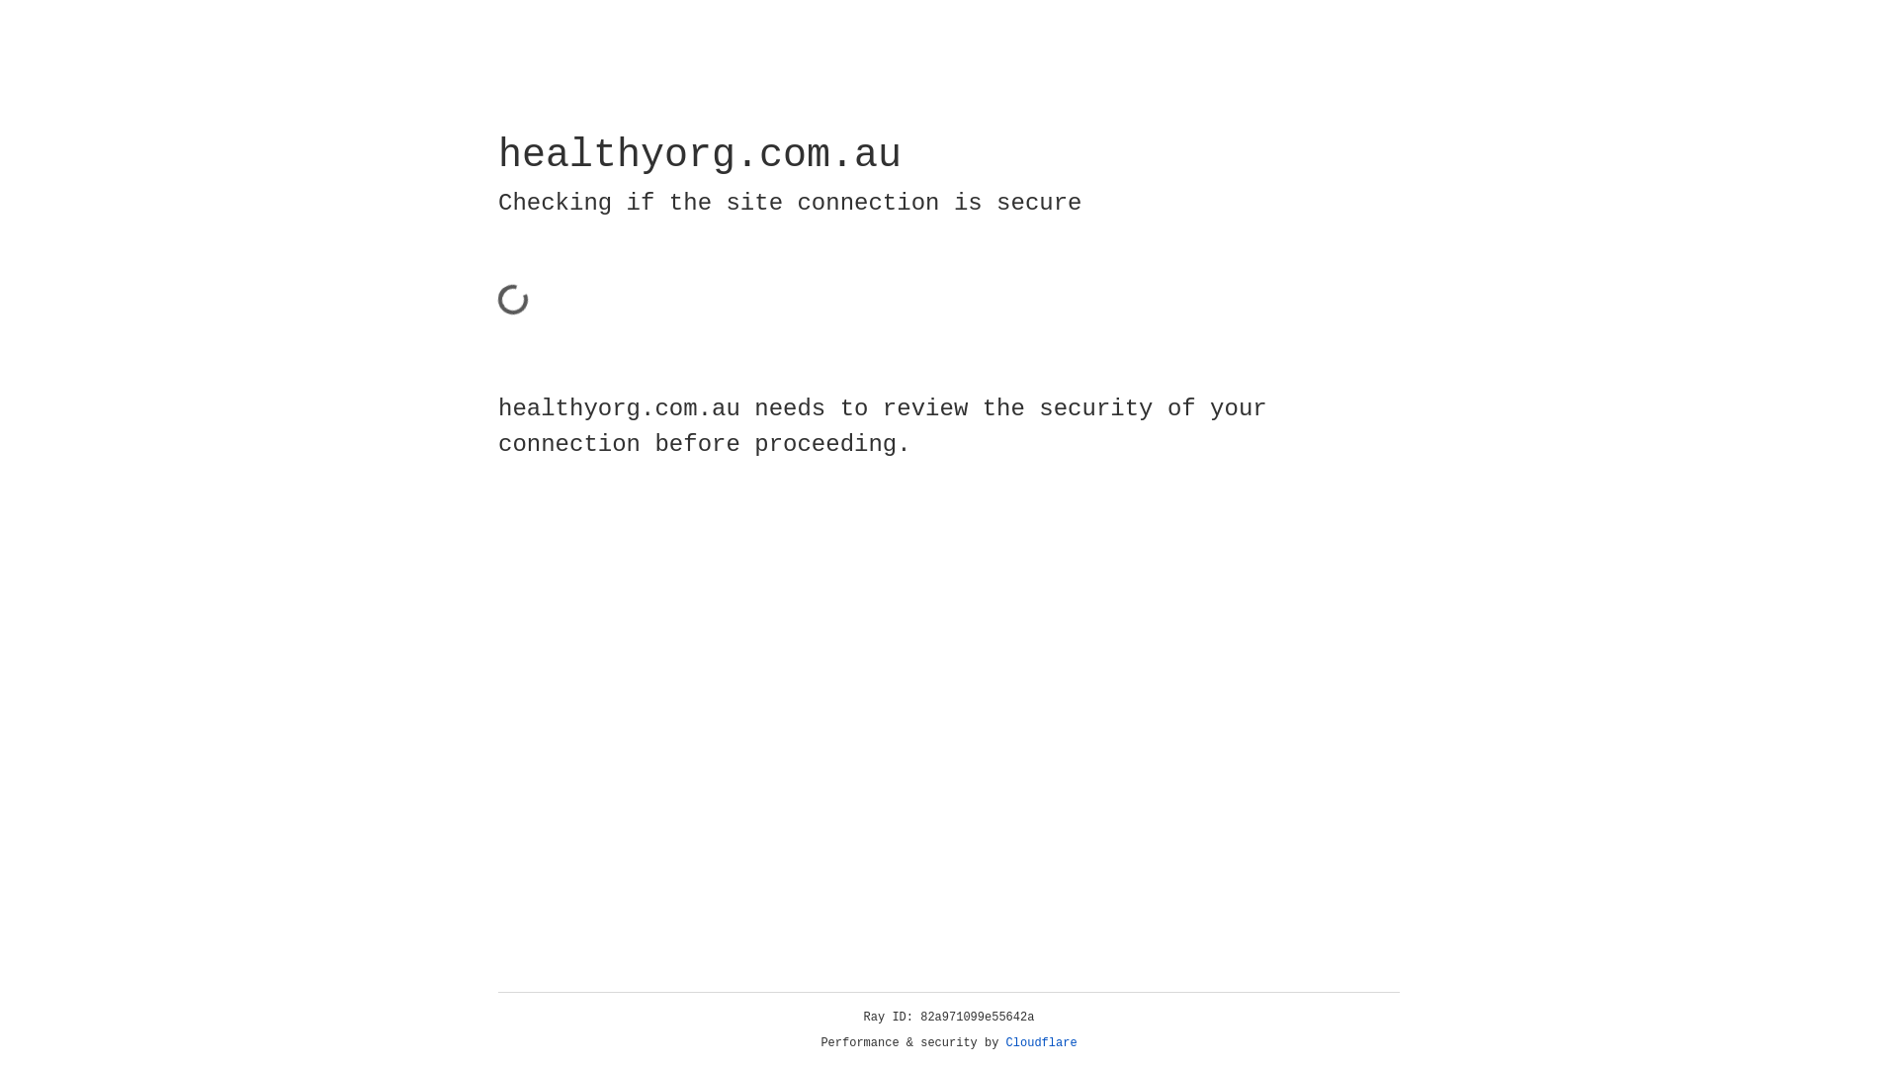 The image size is (1898, 1068). Describe the element at coordinates (1041, 1042) in the screenshot. I see `'Cloudflare'` at that location.